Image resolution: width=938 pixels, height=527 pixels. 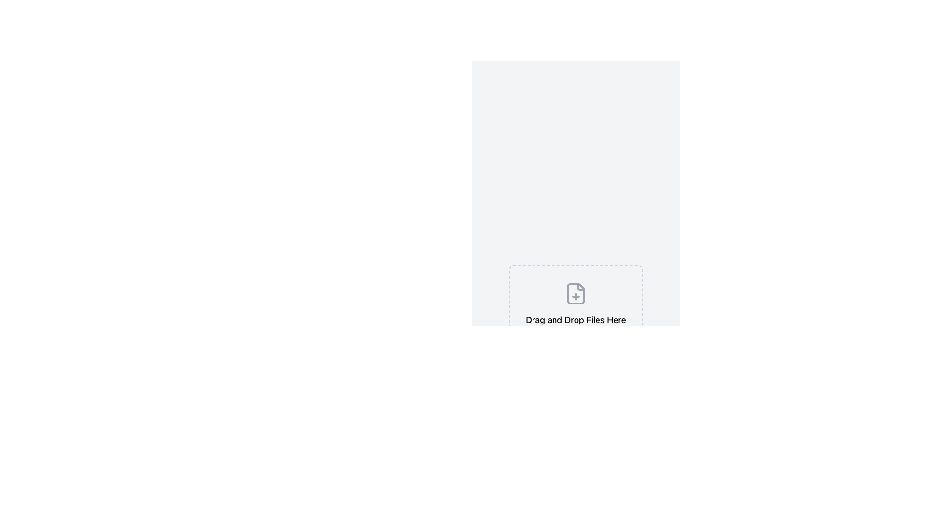 What do you see at coordinates (576, 320) in the screenshot?
I see `the static text label that says 'Drag and Drop Files Here', which is centered within a dashed-border box for file uploads` at bounding box center [576, 320].